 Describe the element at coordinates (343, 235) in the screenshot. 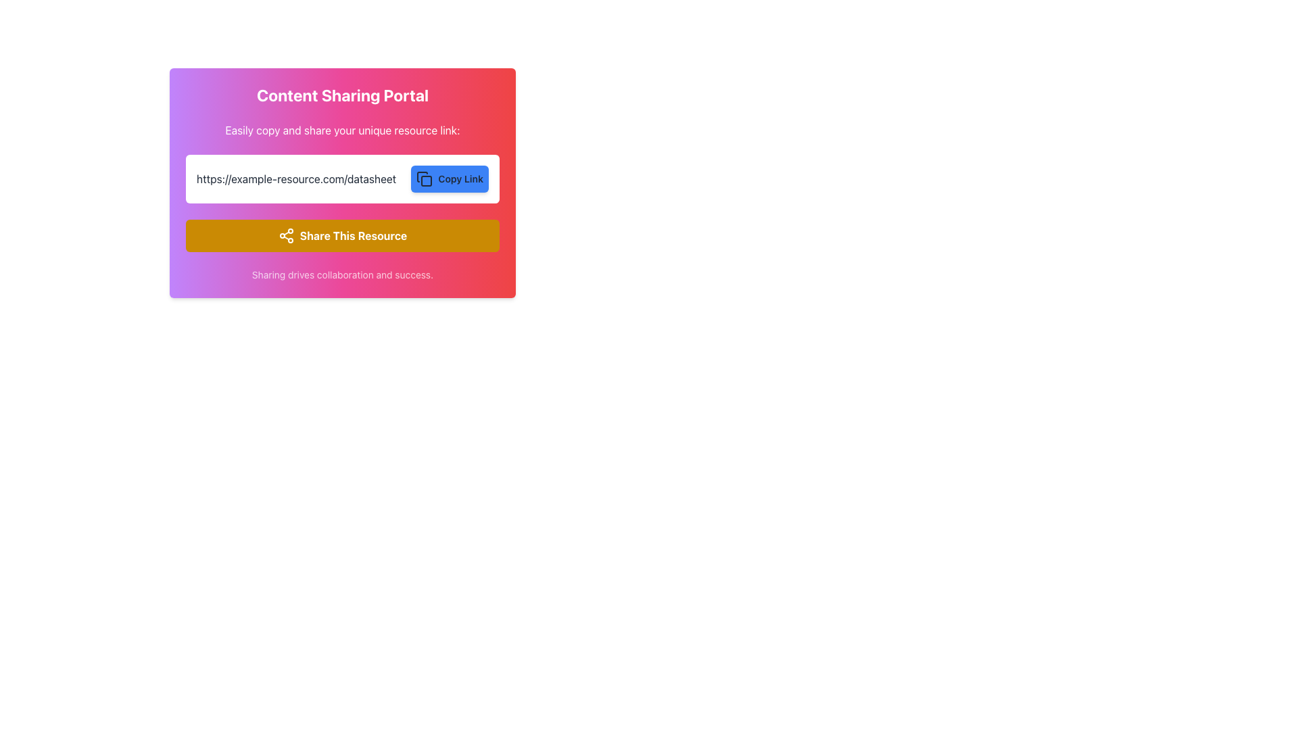

I see `the 'Share This Resource' button which has a bold yellow-orange background and white bold text, located below the 'Copy Link' button` at that location.